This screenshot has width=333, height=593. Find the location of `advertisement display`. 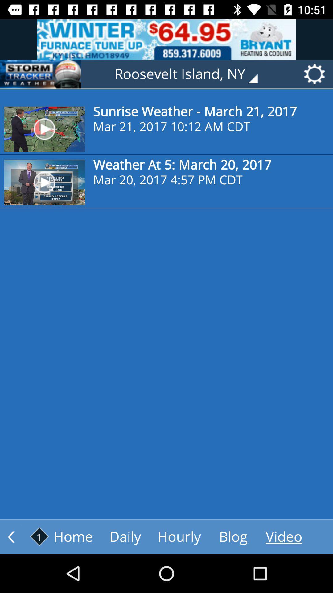

advertisement display is located at coordinates (40, 74).